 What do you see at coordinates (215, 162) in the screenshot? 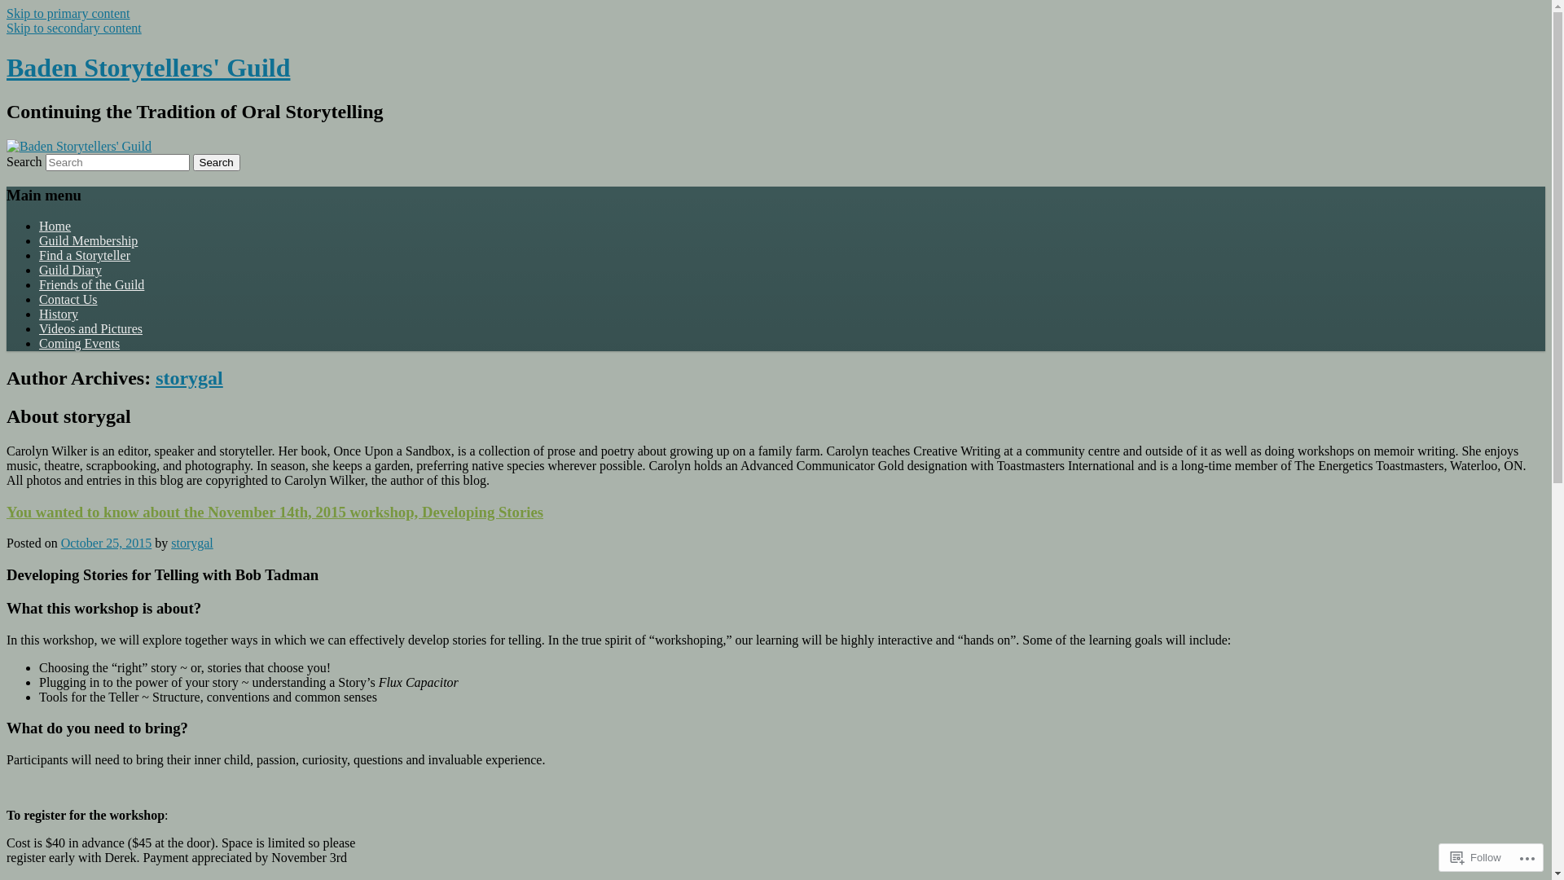
I see `'Search'` at bounding box center [215, 162].